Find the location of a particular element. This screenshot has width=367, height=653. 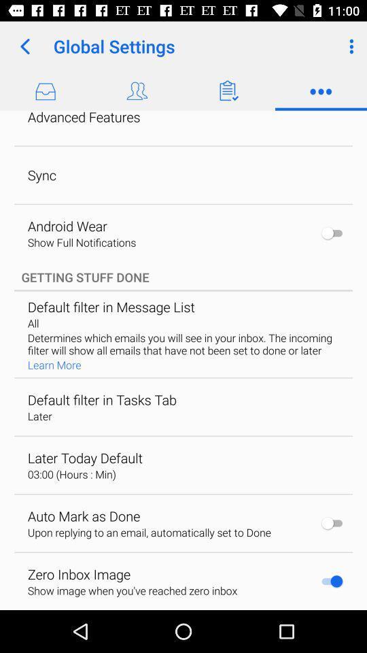

android wear item is located at coordinates (67, 226).